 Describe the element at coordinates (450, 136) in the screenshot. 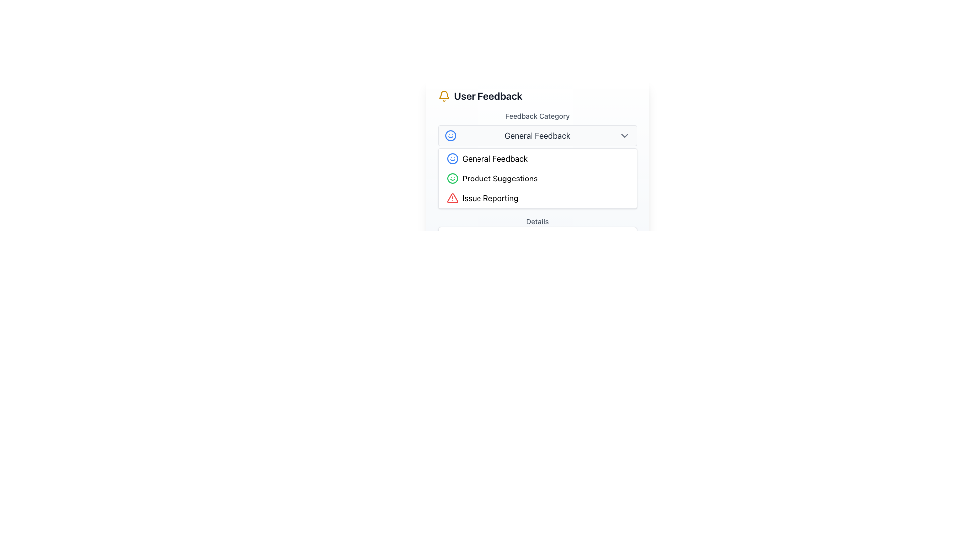

I see `the graphical icon representing the 'General Feedback' option in the dropdown menu, located towards the upper-left corner of the selection box` at that location.